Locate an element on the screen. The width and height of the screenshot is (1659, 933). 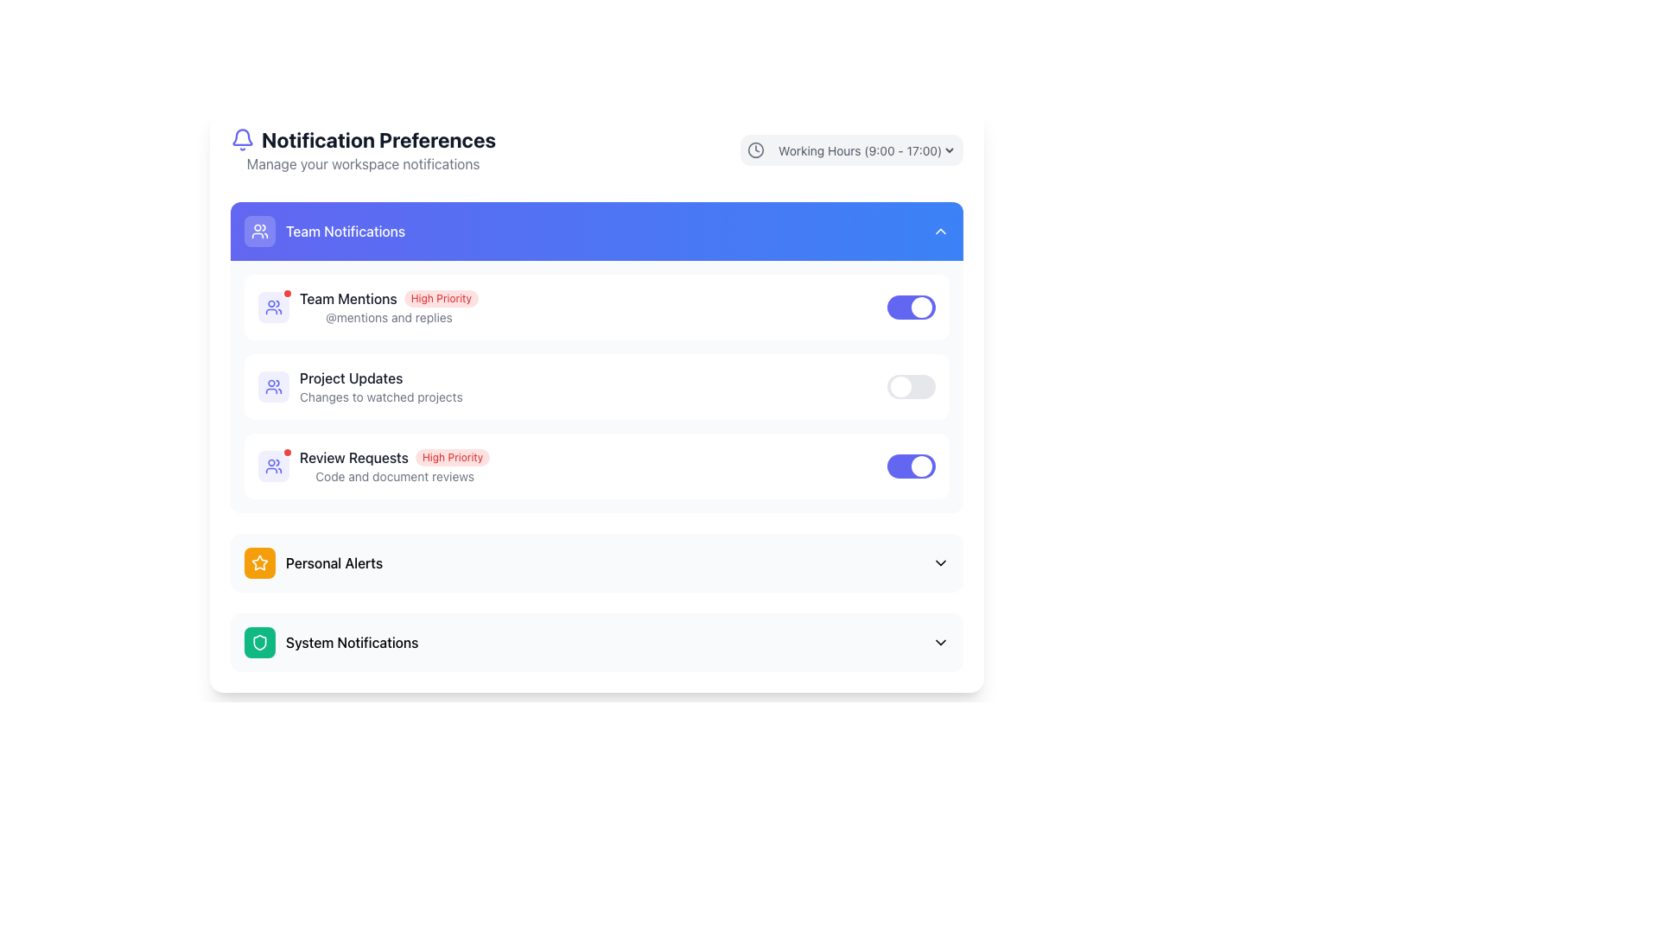
the text block titled 'Project Updates' with the subtitle 'Changes to watched projects' located in the notification preferences section under 'Team Notifications' is located at coordinates (380, 385).